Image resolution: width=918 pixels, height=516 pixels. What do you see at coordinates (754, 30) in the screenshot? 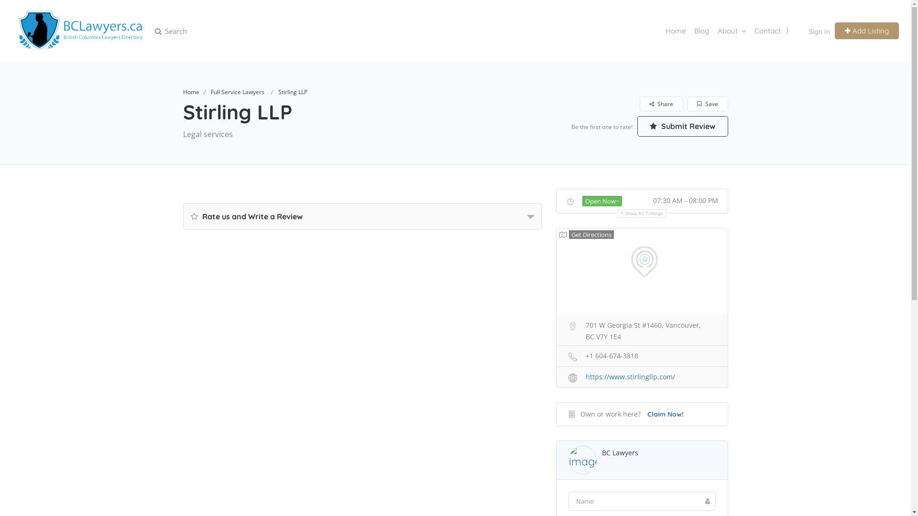
I see `'Contact'` at bounding box center [754, 30].